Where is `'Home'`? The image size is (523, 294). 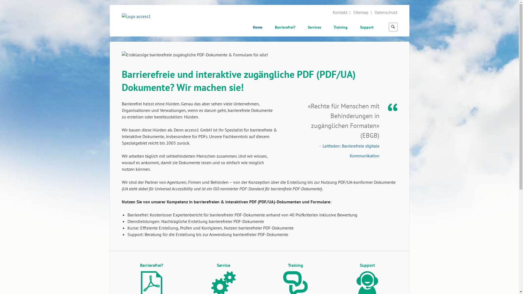 'Home' is located at coordinates (248, 28).